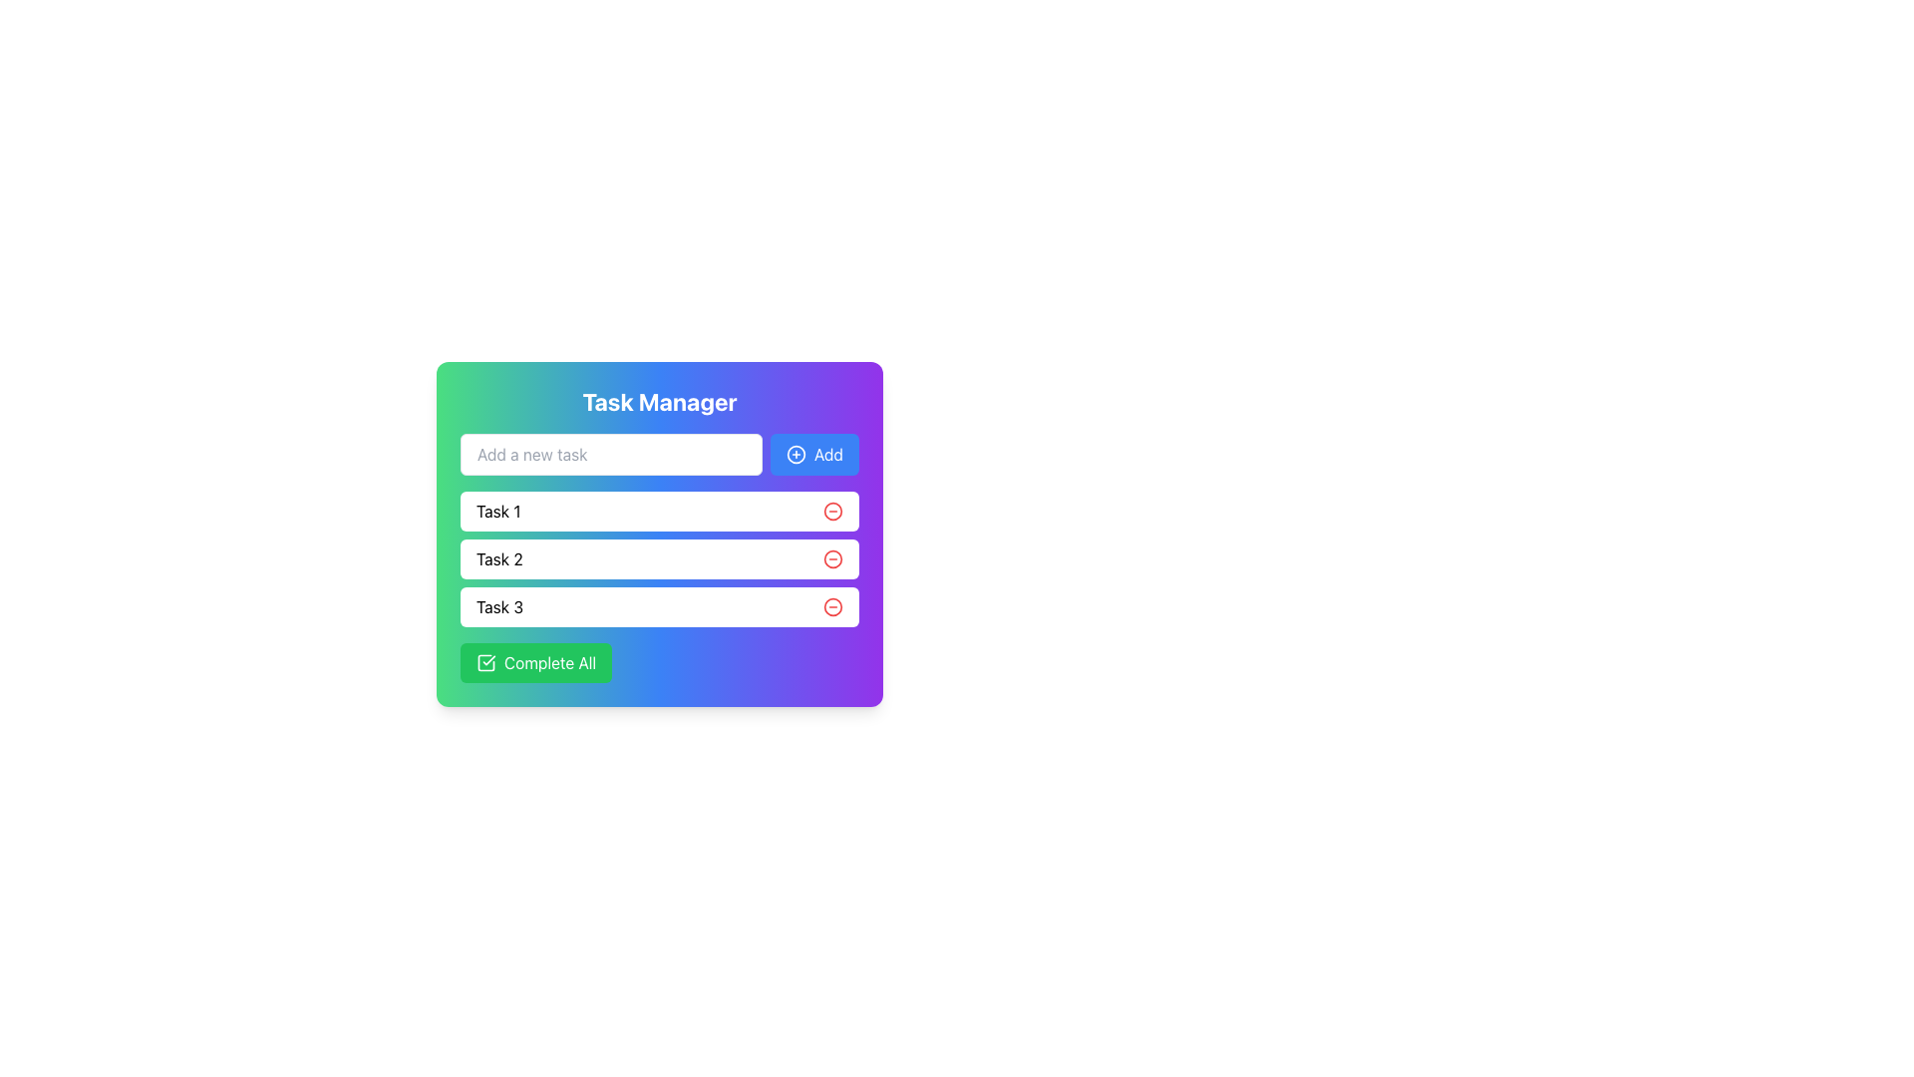  What do you see at coordinates (499, 558) in the screenshot?
I see `the Text Label displaying 'Task 2', which is the second task item in the task management interface` at bounding box center [499, 558].